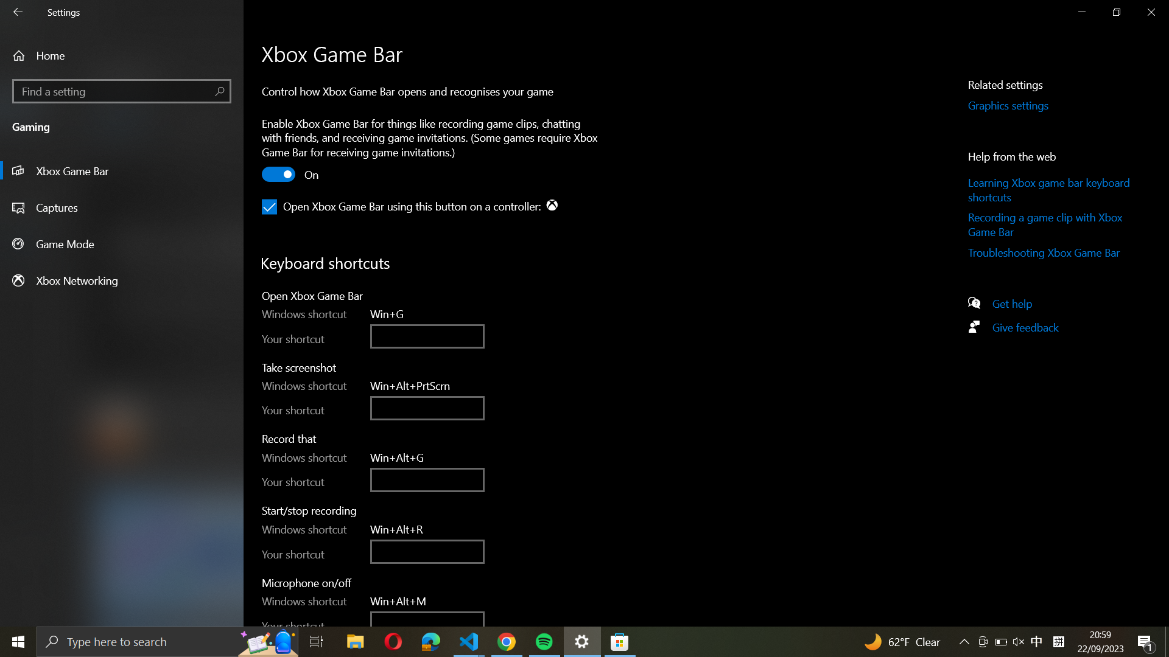  What do you see at coordinates (121, 91) in the screenshot?
I see `the "Find a Setting" action` at bounding box center [121, 91].